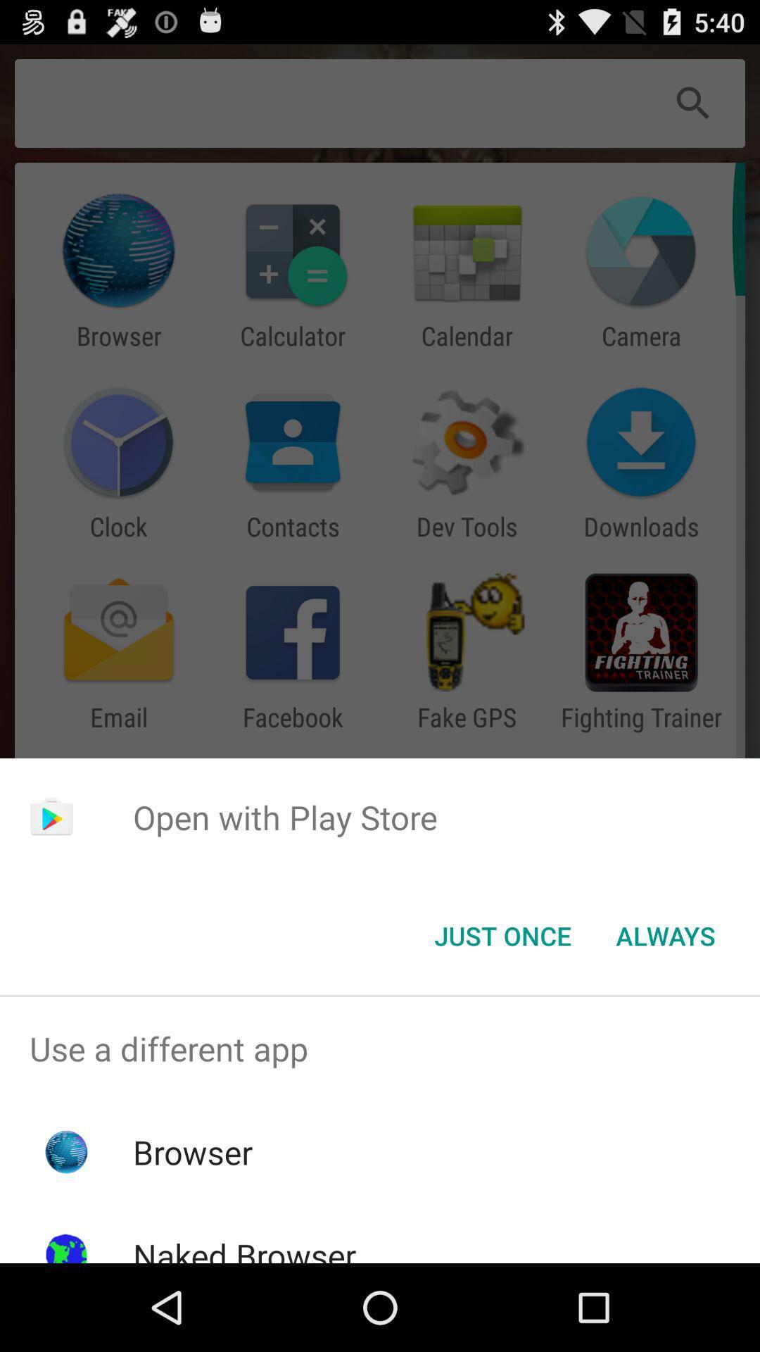 The height and width of the screenshot is (1352, 760). What do you see at coordinates (502, 936) in the screenshot?
I see `the icon below open with play app` at bounding box center [502, 936].